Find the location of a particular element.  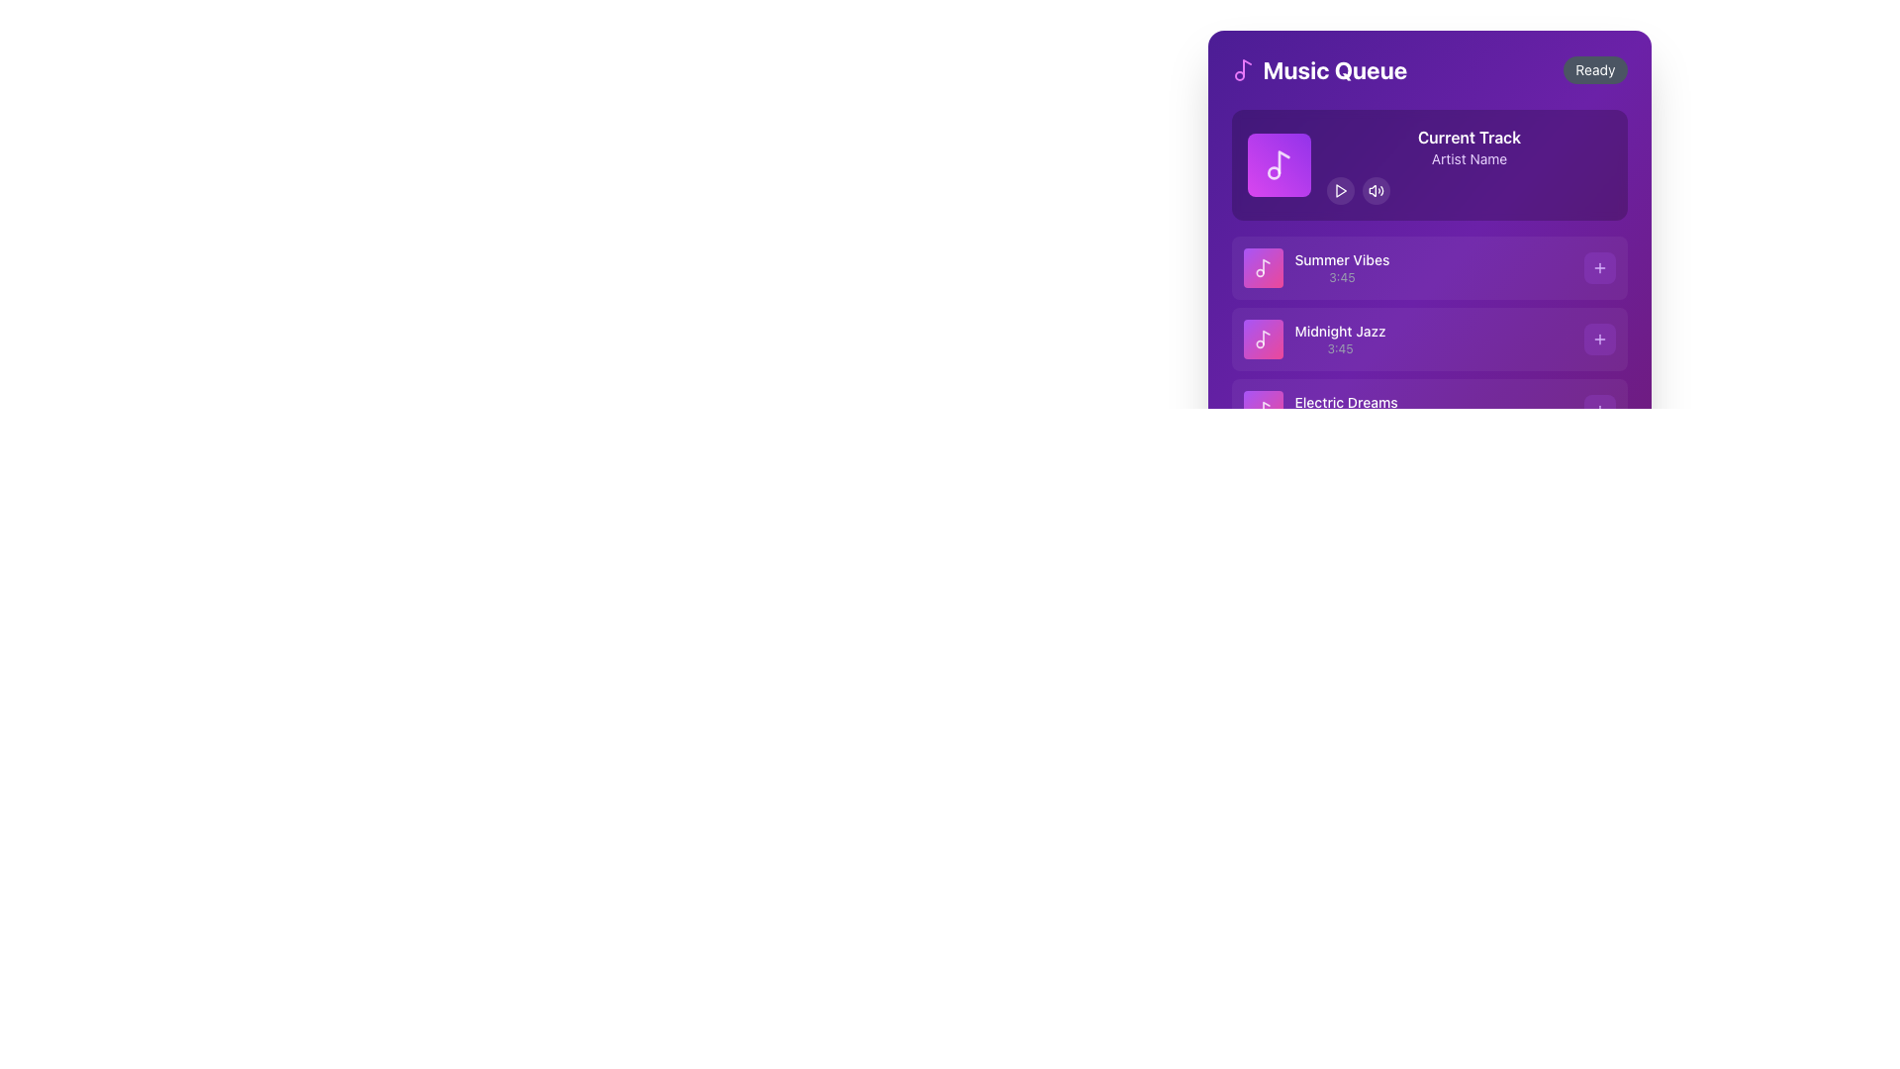

the square-shaped music note icon with a gradient background transitioning from purple to pink, located to the left of the text 'Summer Vibes' and '3:45' is located at coordinates (1262, 267).